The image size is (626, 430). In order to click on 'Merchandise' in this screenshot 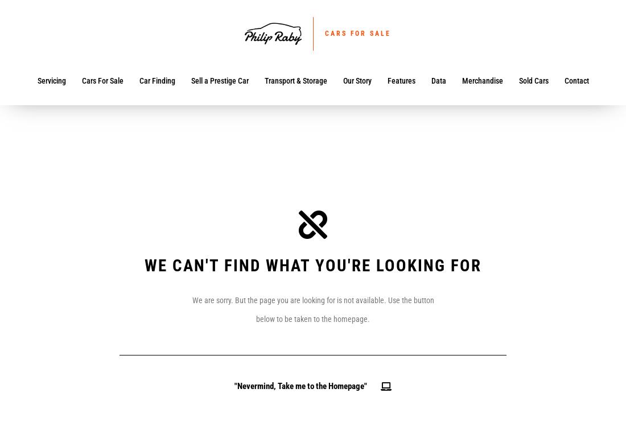, I will do `click(481, 80)`.